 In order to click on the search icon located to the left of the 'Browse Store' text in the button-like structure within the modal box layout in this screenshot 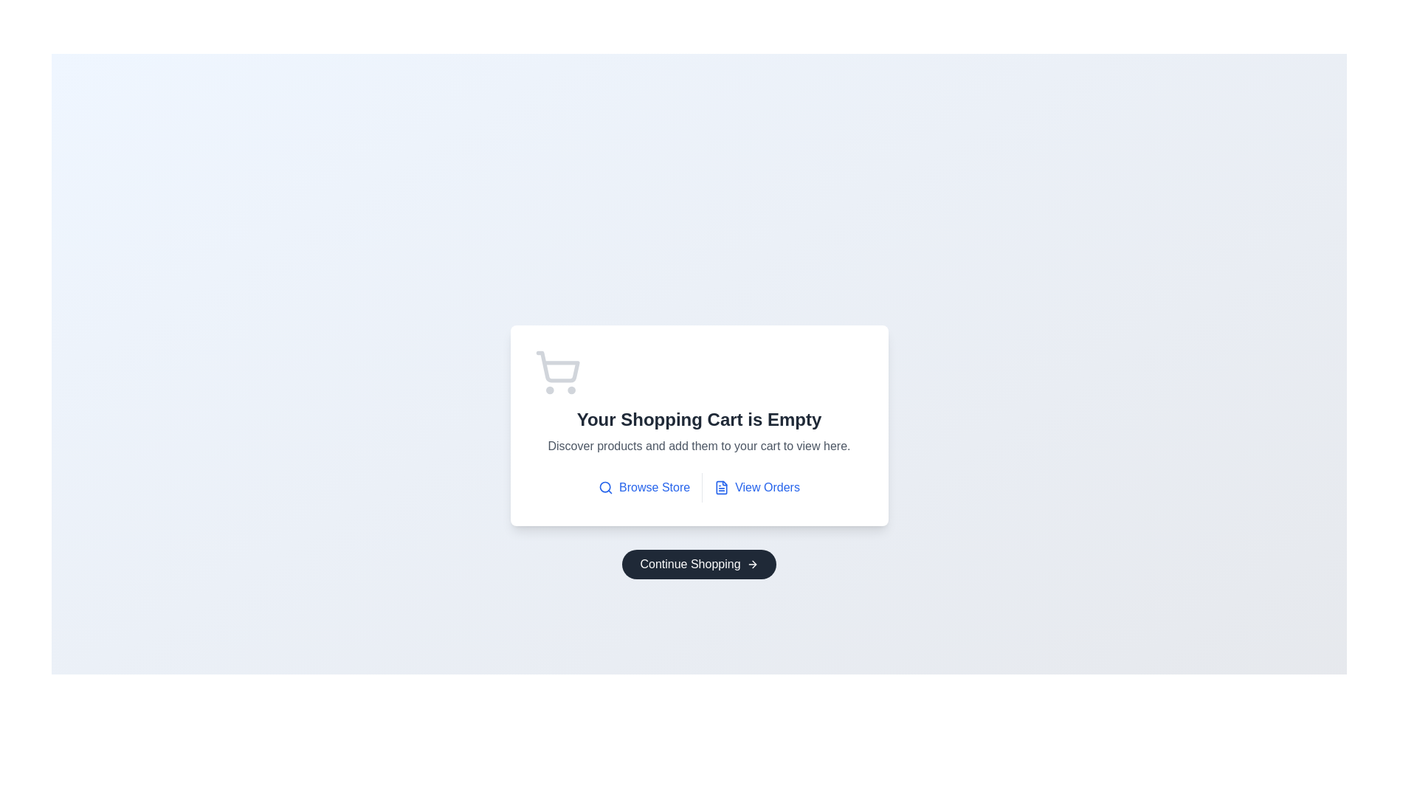, I will do `click(606, 487)`.